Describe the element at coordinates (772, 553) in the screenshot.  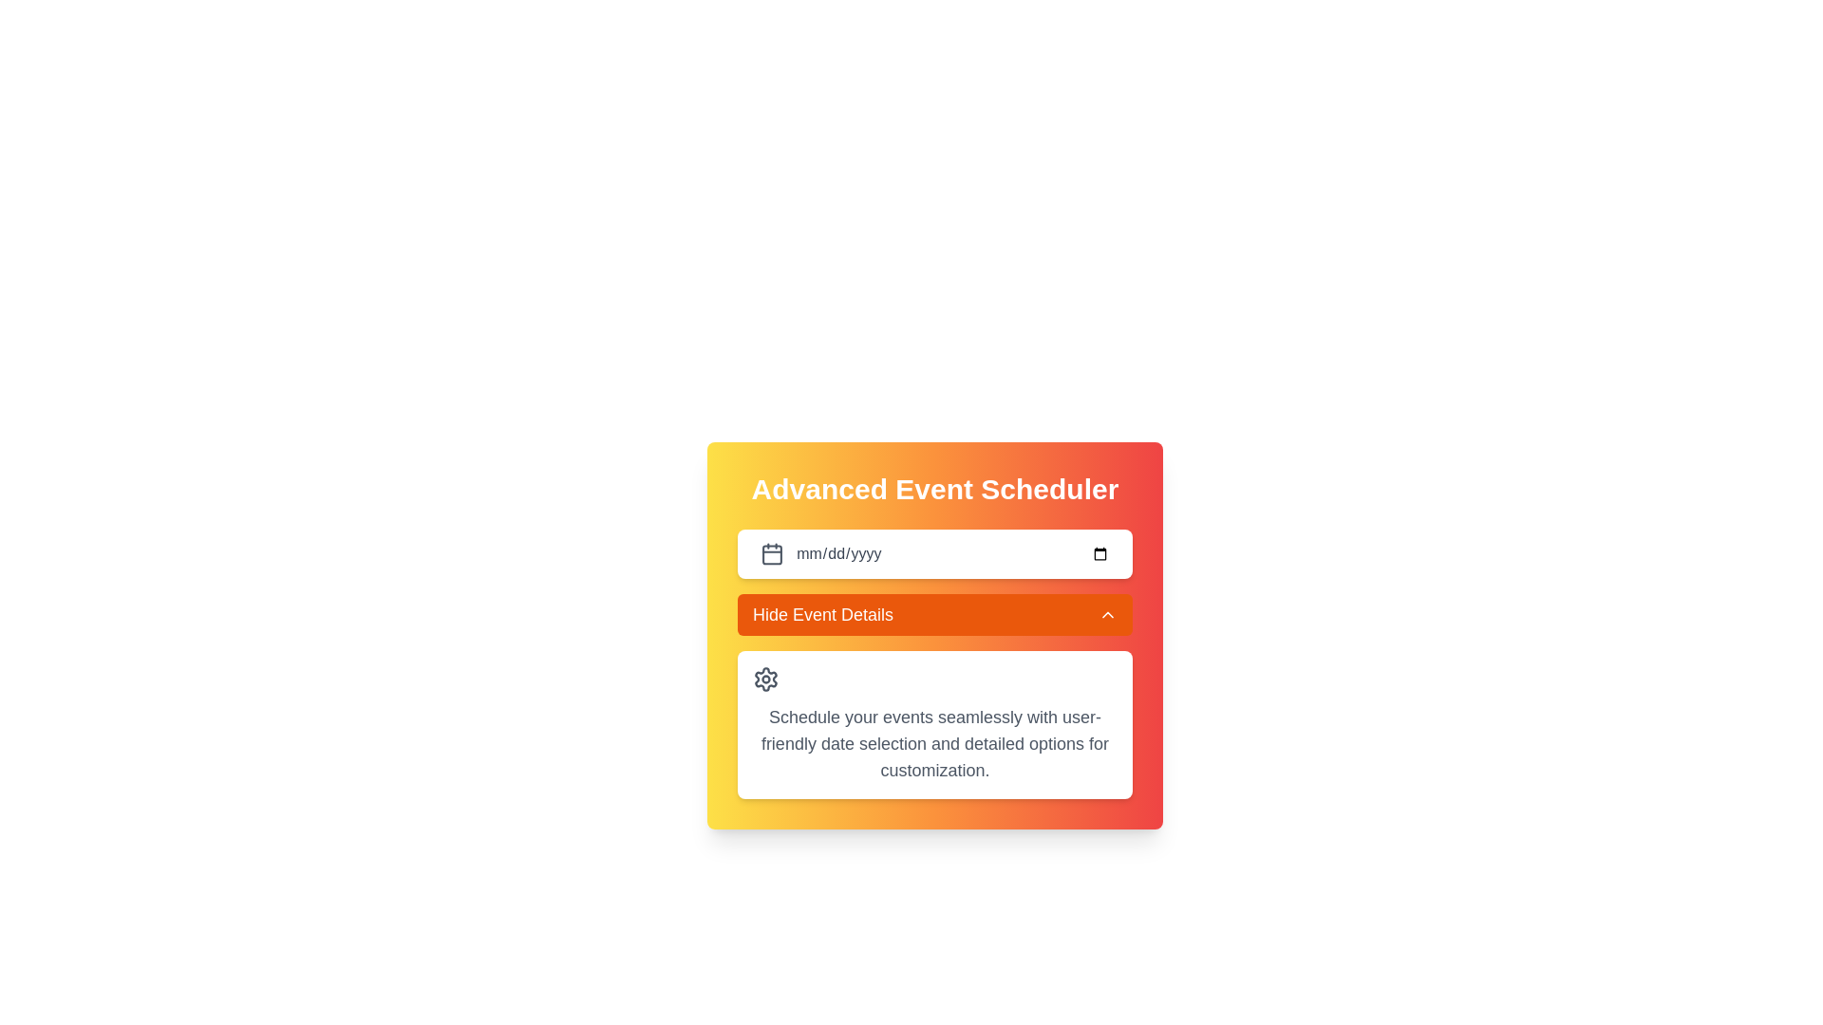
I see `the calendar icon, which is a rounded square shape with a minimalistic gray design, positioned to the left of the date input field under the 'Advanced Event Scheduler' title` at that location.